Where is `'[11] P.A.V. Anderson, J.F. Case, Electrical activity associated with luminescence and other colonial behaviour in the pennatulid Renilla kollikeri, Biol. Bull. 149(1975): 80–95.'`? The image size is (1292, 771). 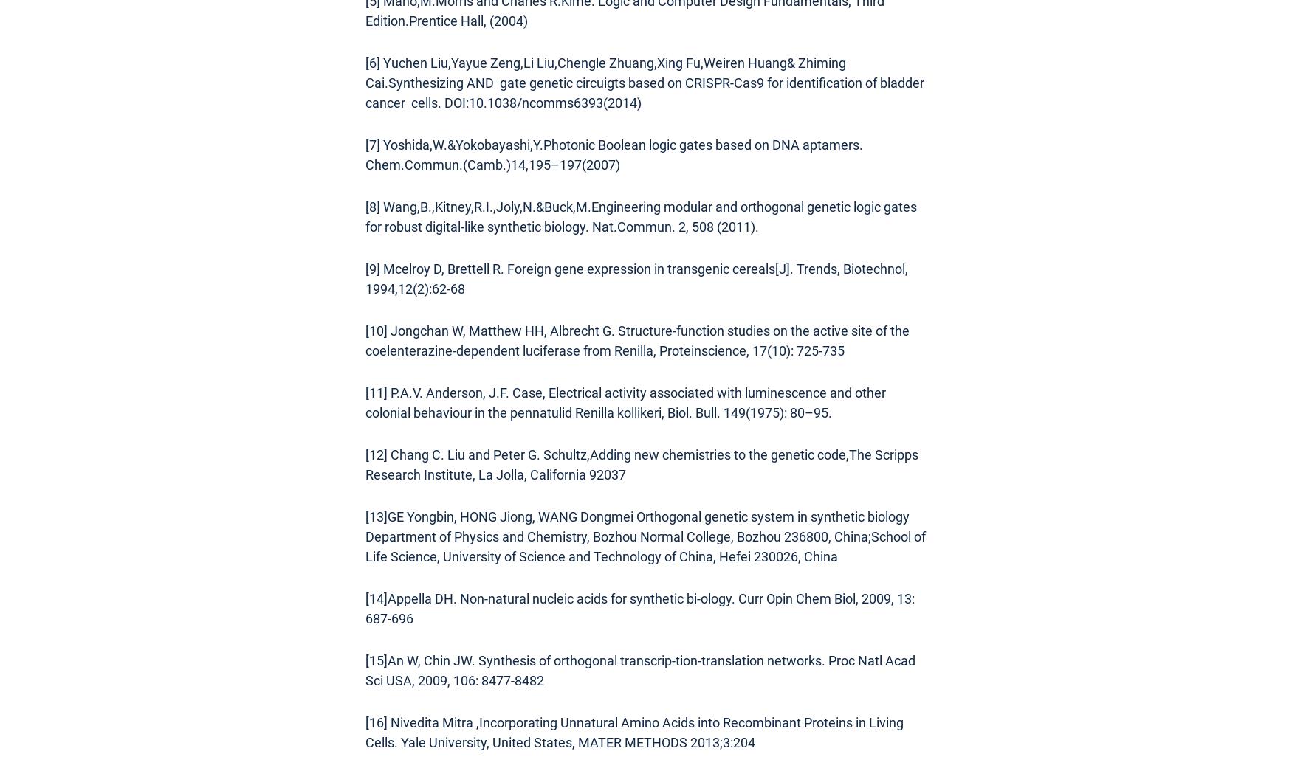
'[11] P.A.V. Anderson, J.F. Case, Electrical activity associated with luminescence and other colonial behaviour in the pennatulid Renilla kollikeri, Biol. Bull. 149(1975): 80–95.' is located at coordinates (625, 403).